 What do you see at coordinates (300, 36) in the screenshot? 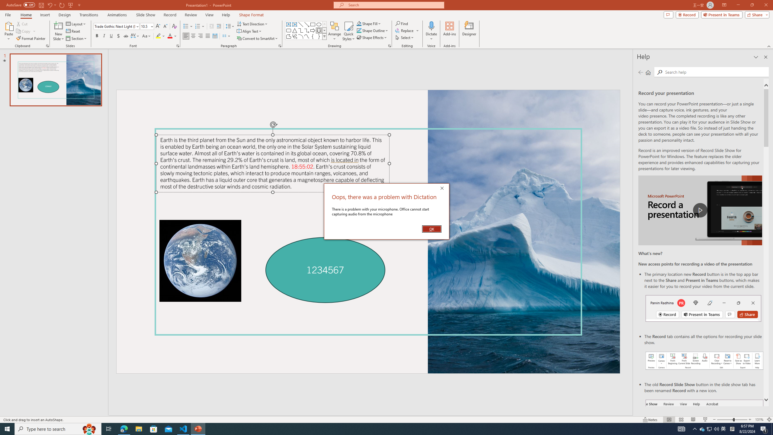
I see `'Arc'` at bounding box center [300, 36].